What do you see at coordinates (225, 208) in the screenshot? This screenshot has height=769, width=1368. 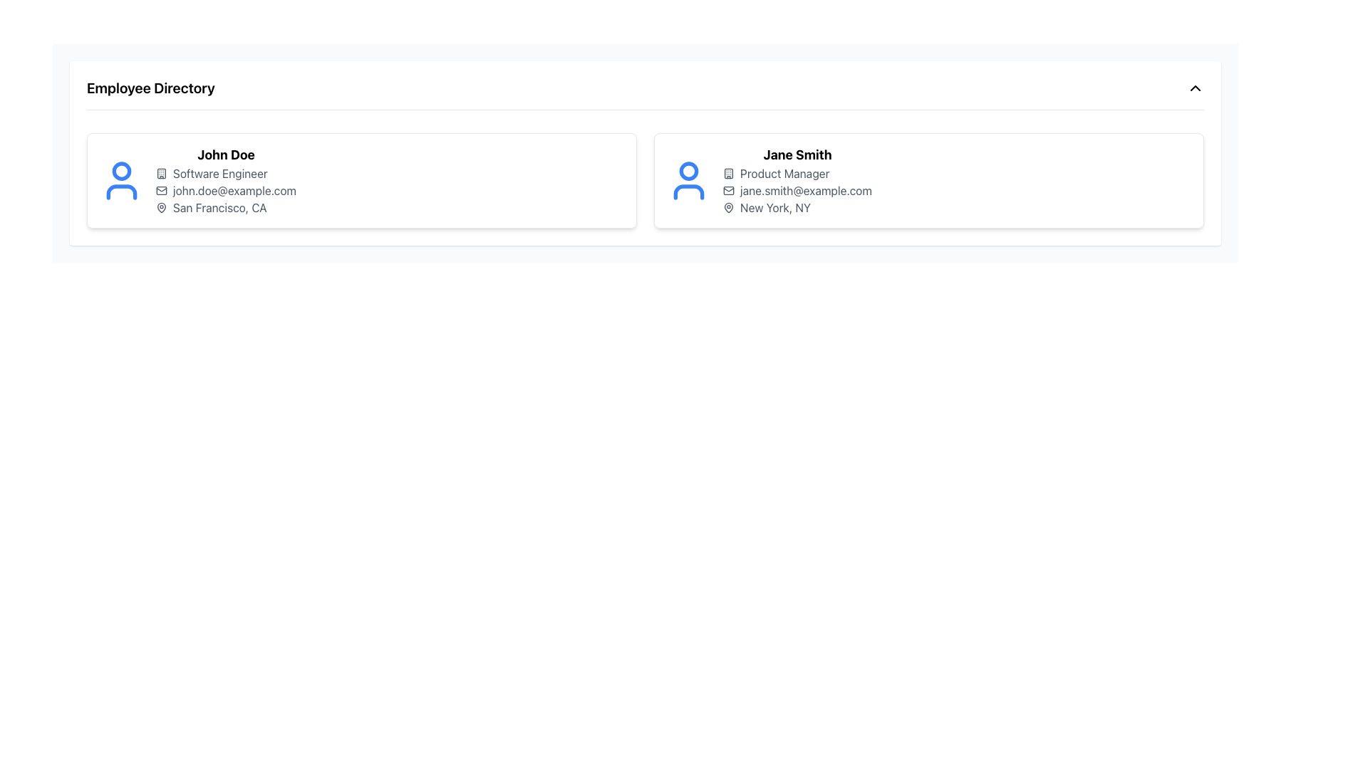 I see `the geographical location text with map pin icon at the bottom of John Doe's profile card in the Employee Directory interface` at bounding box center [225, 208].